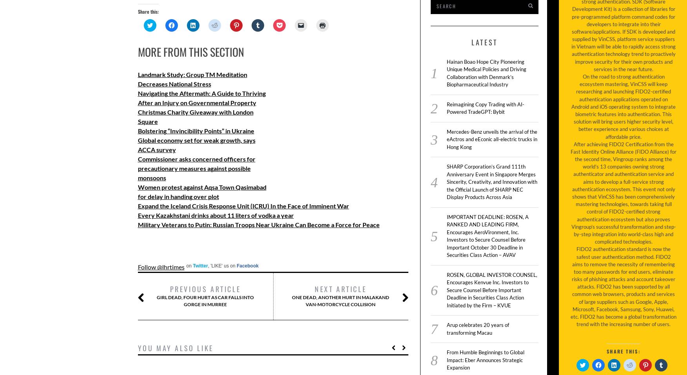 Image resolution: width=687 pixels, height=375 pixels. What do you see at coordinates (195, 116) in the screenshot?
I see `'Christmas Charity Giveaway with London Square'` at bounding box center [195, 116].